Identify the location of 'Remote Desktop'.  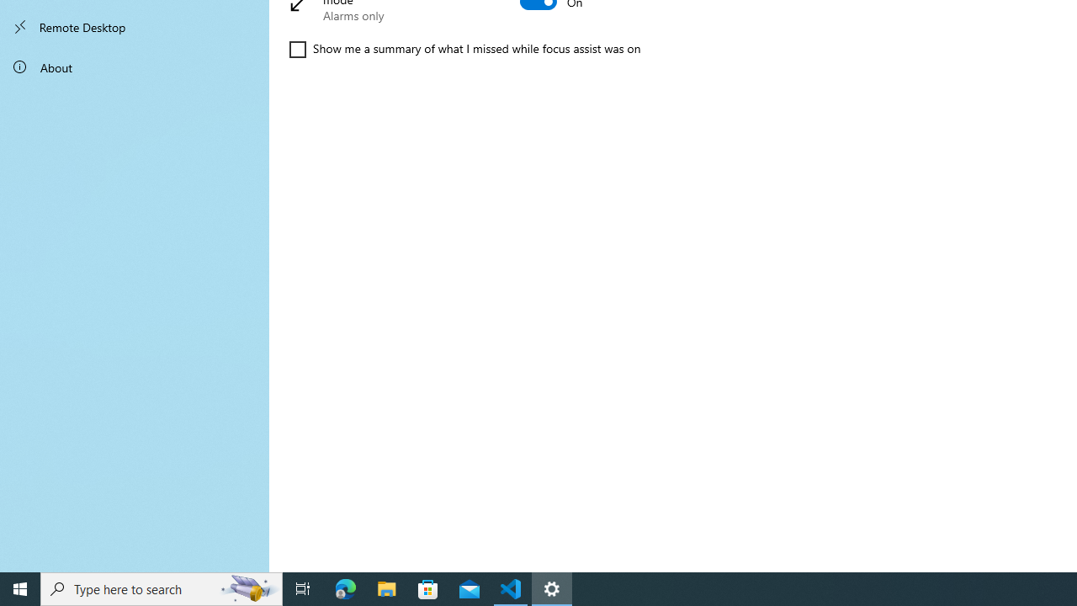
(135, 27).